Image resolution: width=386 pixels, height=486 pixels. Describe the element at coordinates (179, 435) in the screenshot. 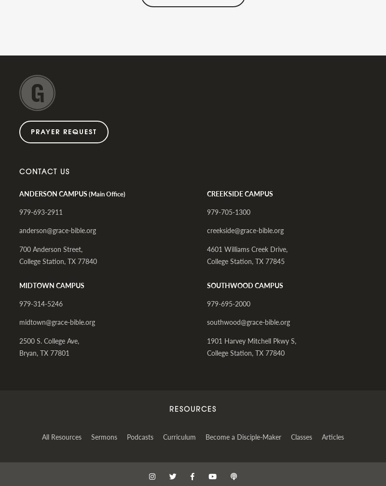

I see `'Curriculum'` at that location.